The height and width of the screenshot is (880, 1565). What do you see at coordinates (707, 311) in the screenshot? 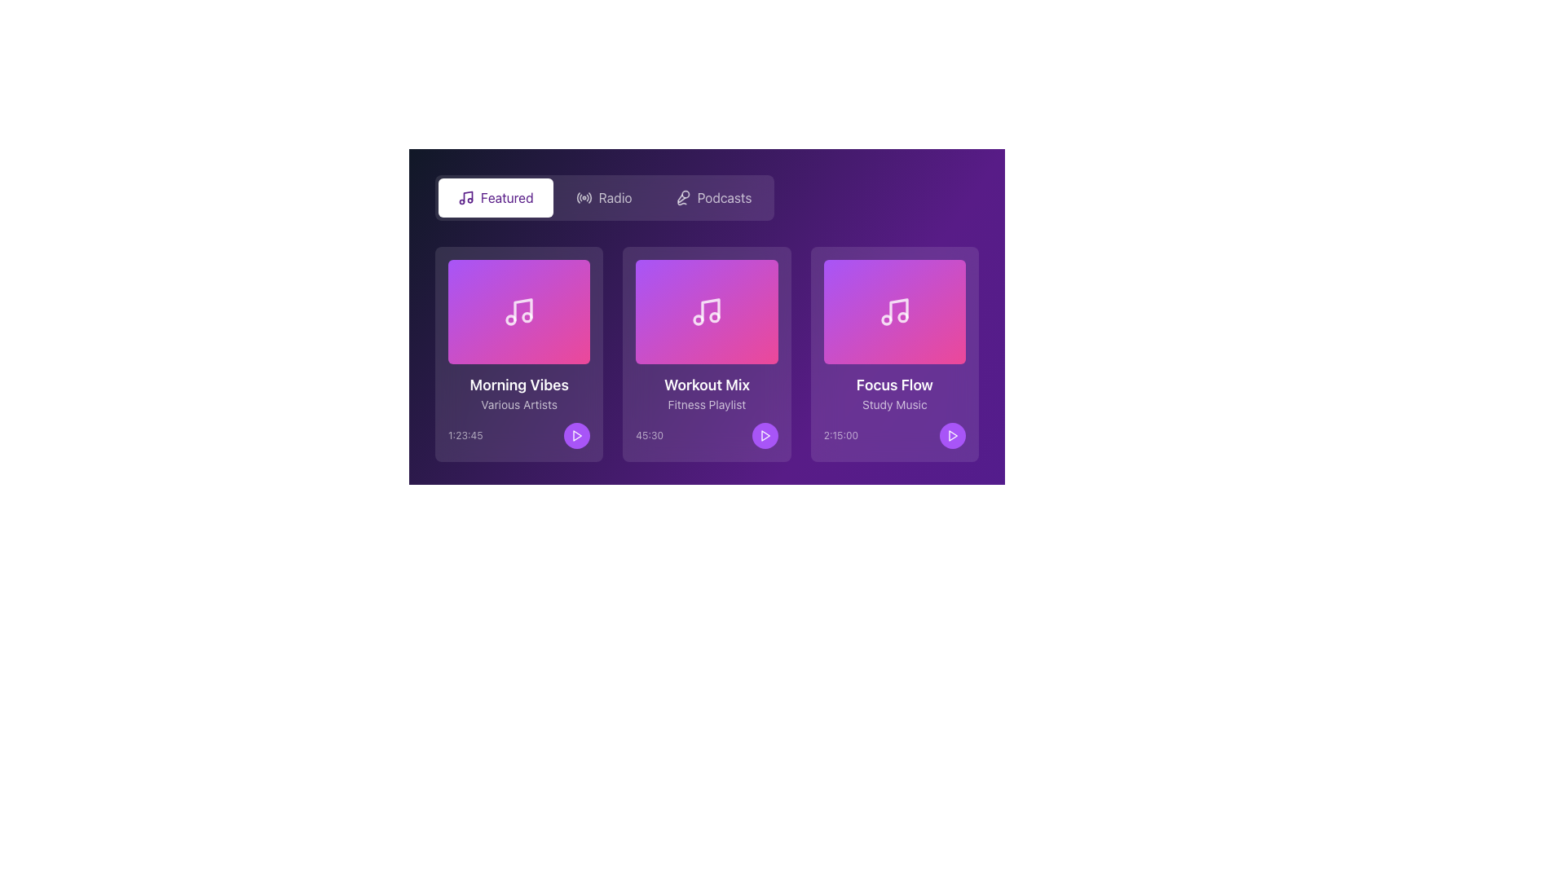
I see `the Decorative card section, which is a rectangular card with a gradient background transitioning from purple to pink, rounded corners, and a centered white music note icon. It is located at the top of the second card in a horizontally aligned list of three cards, immediately above the text 'Workout Mix' and 'Fitness Playlist'` at bounding box center [707, 311].